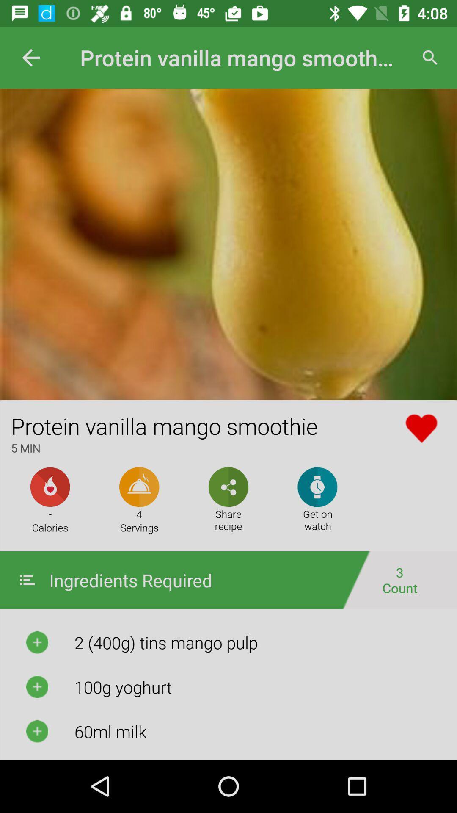  What do you see at coordinates (228, 487) in the screenshot?
I see `the share icon` at bounding box center [228, 487].